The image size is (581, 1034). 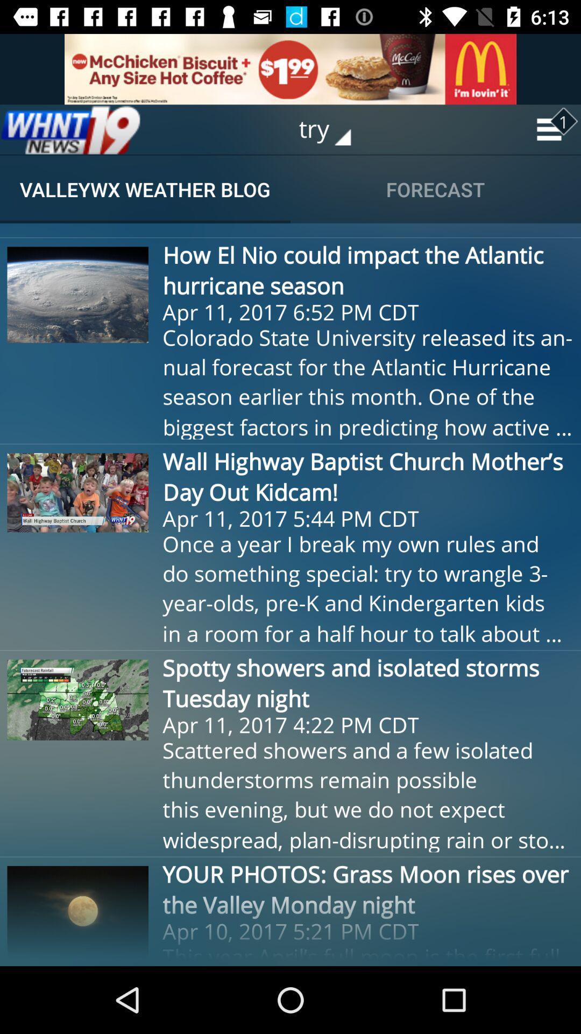 I want to click on the image which is under the valleywx weather blog, so click(x=77, y=295).